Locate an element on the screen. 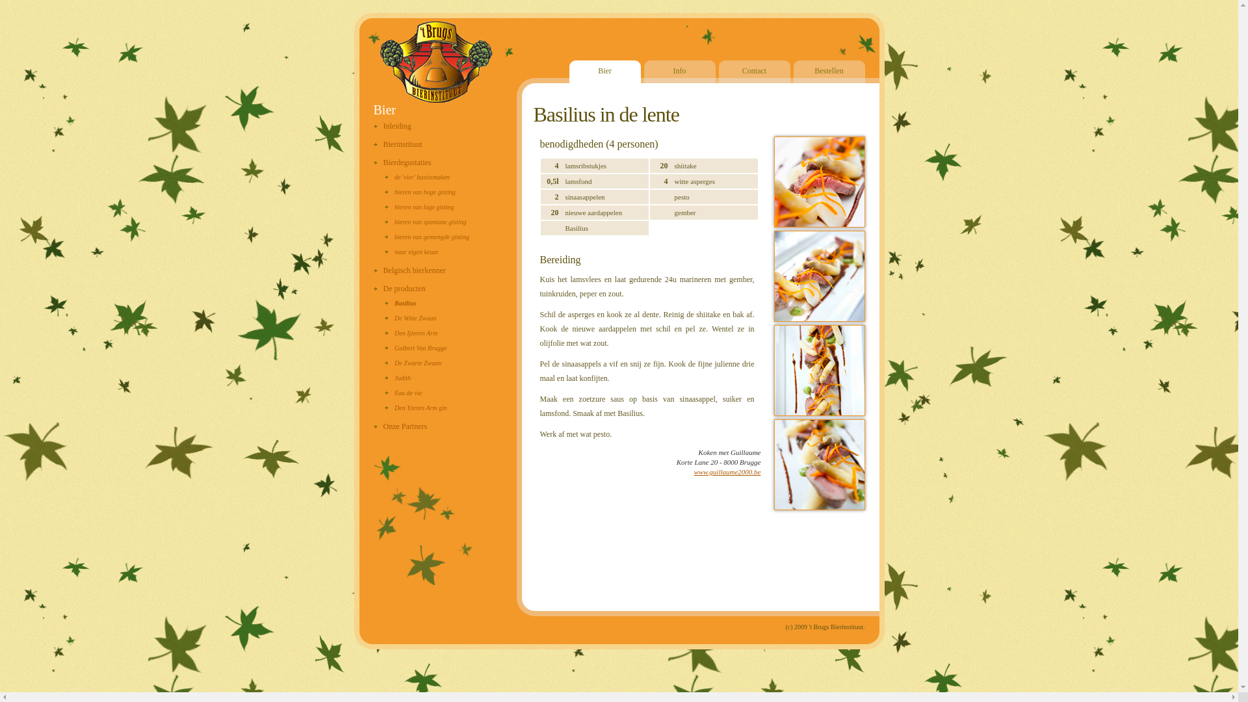 Image resolution: width=1248 pixels, height=702 pixels. 'Basilius' is located at coordinates (383, 303).